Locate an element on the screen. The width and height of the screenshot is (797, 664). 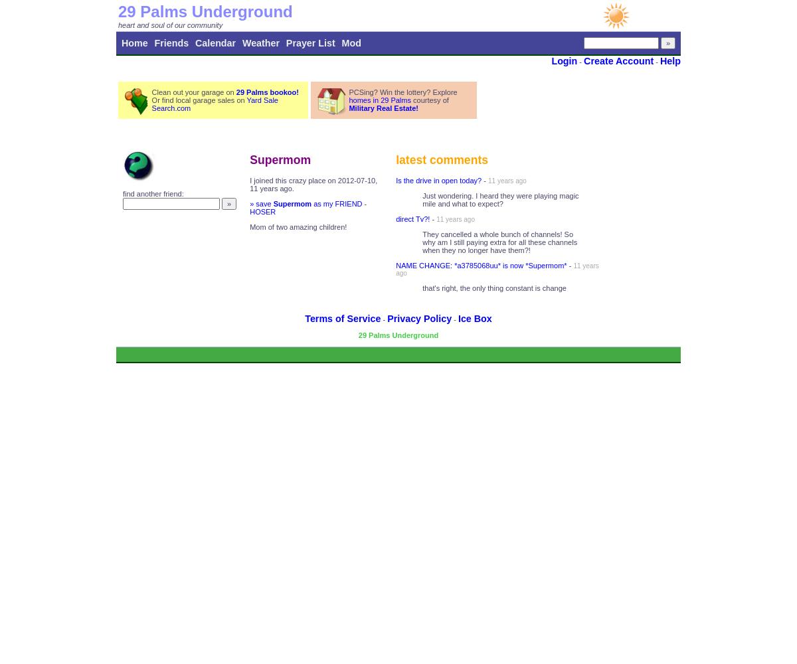
'Yard Sale Search.com' is located at coordinates (215, 104).